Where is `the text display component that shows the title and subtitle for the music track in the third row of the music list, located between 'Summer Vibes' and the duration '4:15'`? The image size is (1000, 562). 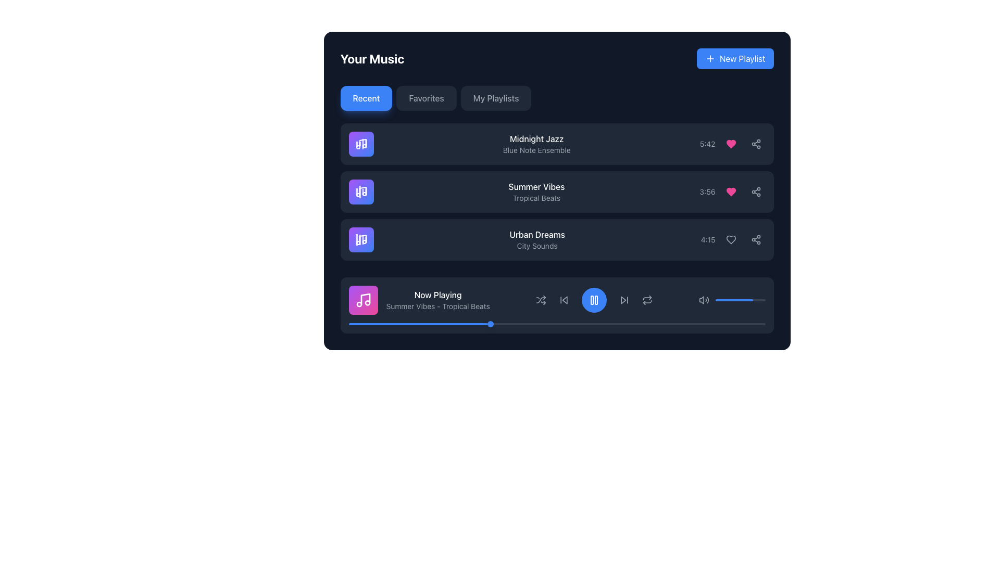
the text display component that shows the title and subtitle for the music track in the third row of the music list, located between 'Summer Vibes' and the duration '4:15' is located at coordinates (537, 240).